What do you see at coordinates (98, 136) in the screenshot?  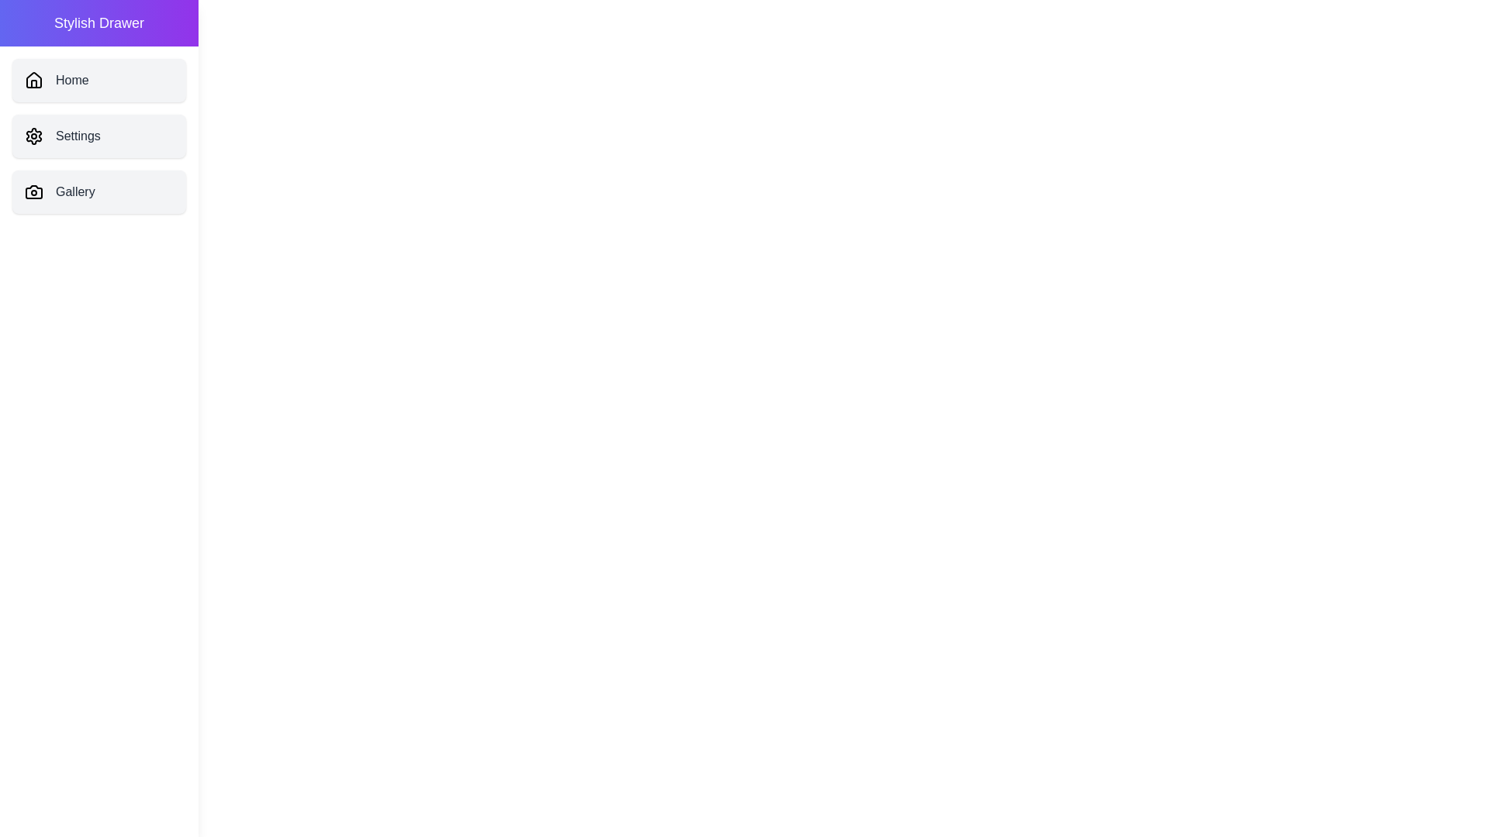 I see `the menu item Settings from the StylishDrawer component` at bounding box center [98, 136].